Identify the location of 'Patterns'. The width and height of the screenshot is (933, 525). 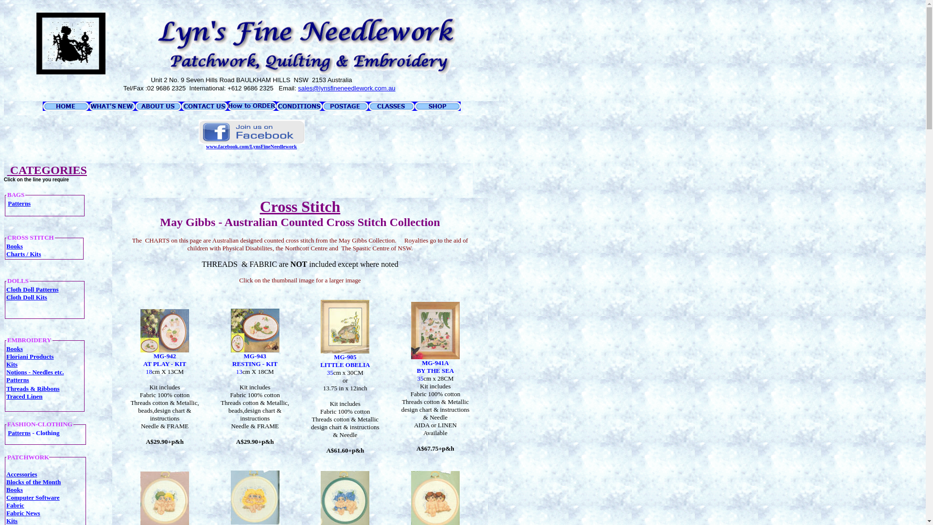
(19, 432).